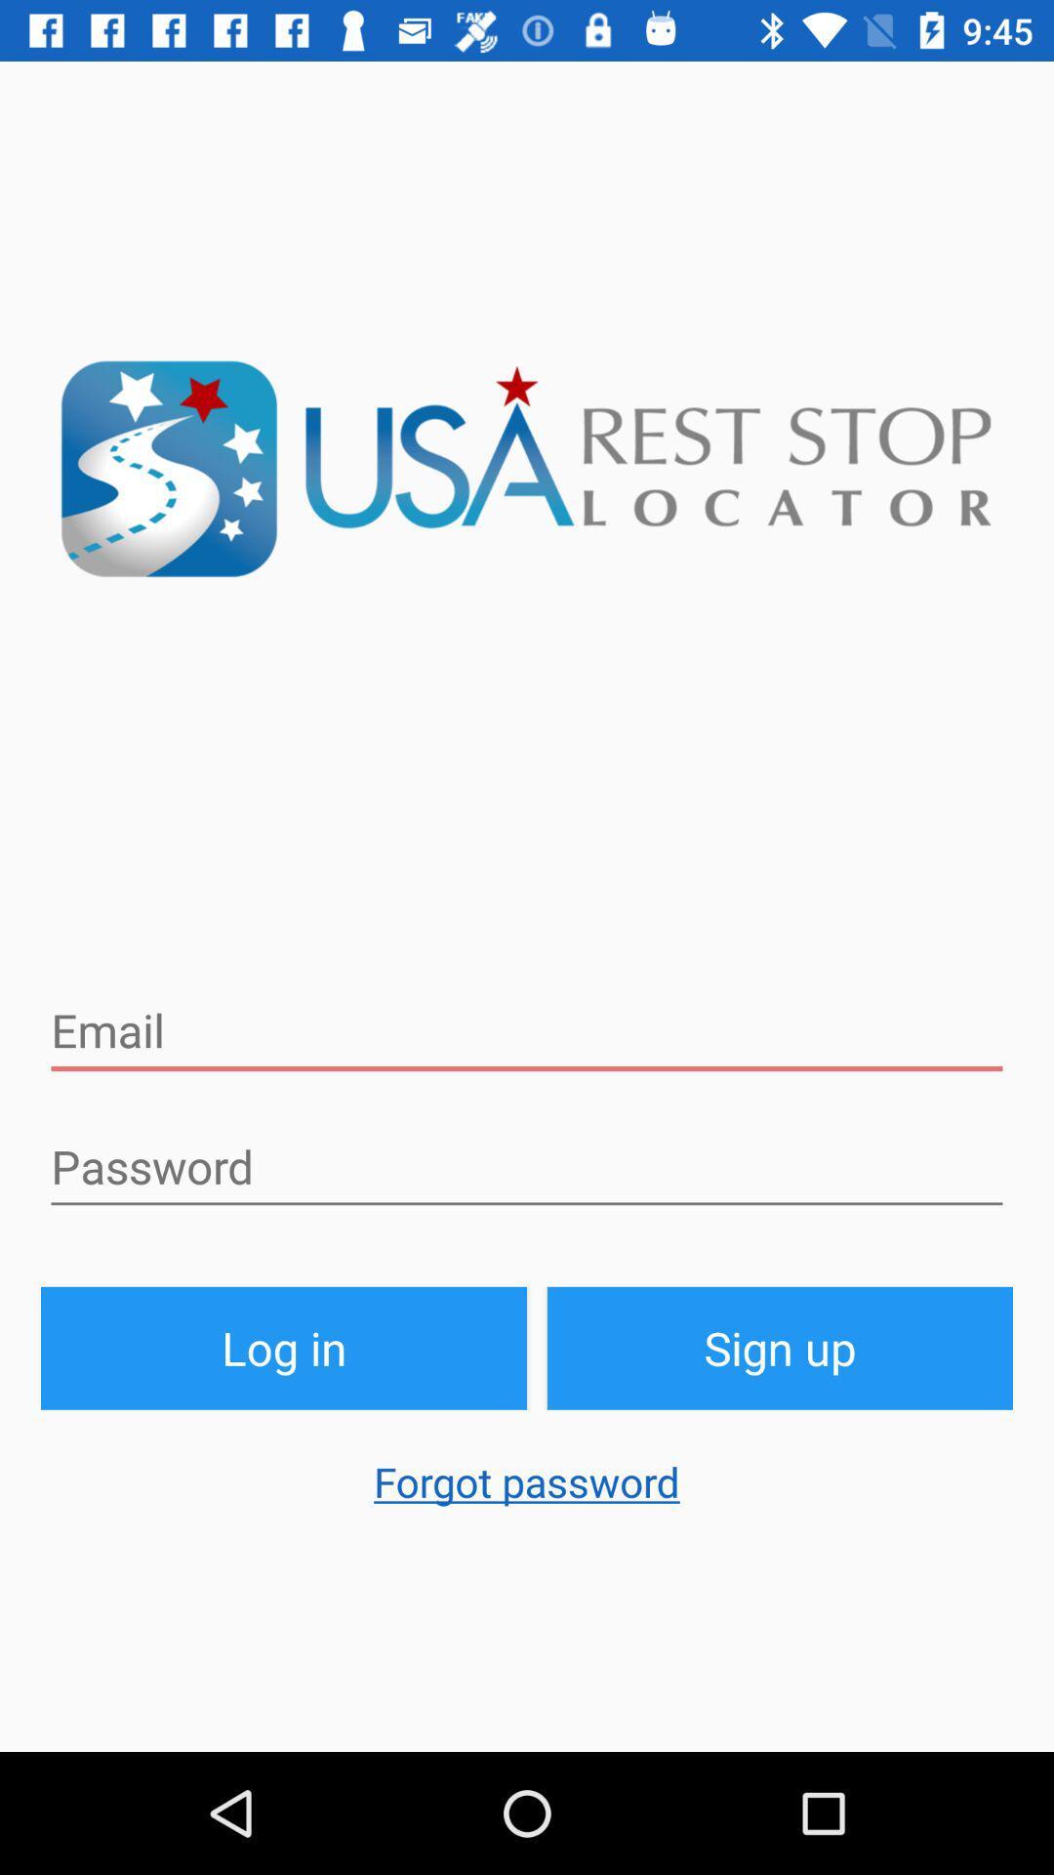 The height and width of the screenshot is (1875, 1054). I want to click on item at the bottom left corner, so click(283, 1347).